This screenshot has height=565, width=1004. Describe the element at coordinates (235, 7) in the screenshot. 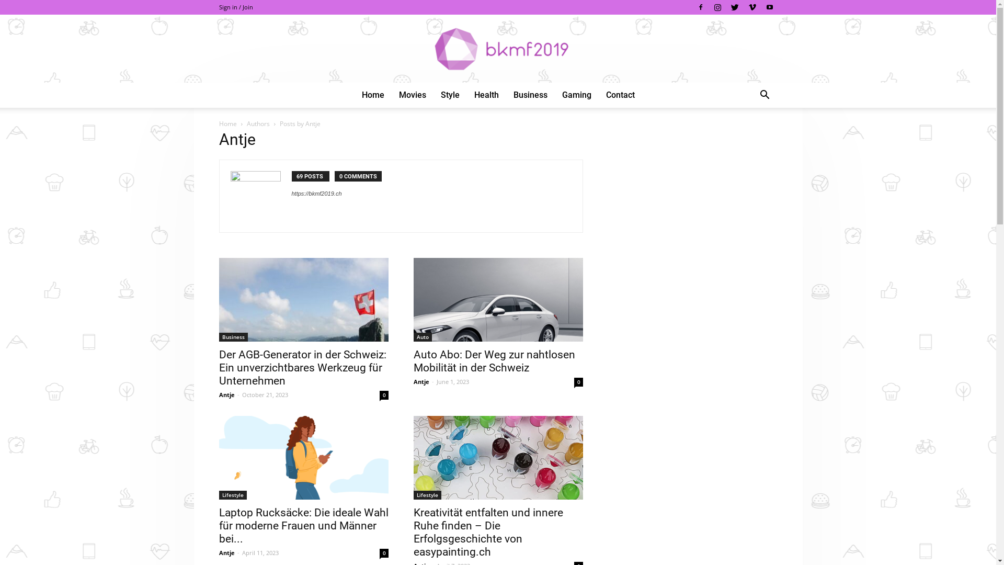

I see `'Sign in / Join'` at that location.